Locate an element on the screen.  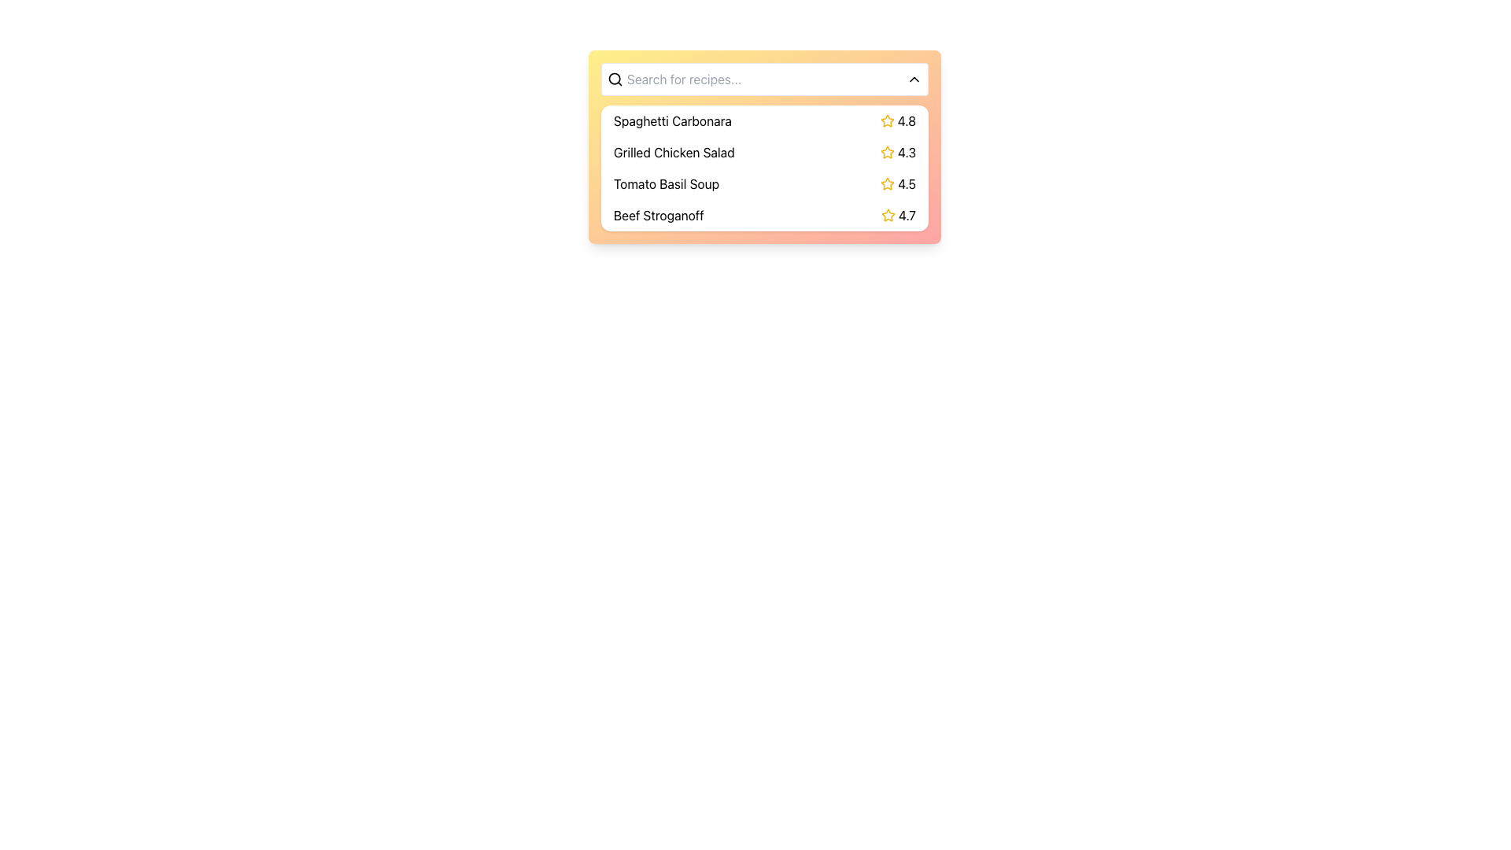
the vector graphic element indicating the rating for the 'Grilled Chicken Salad' item in the second row of the list is located at coordinates (887, 152).